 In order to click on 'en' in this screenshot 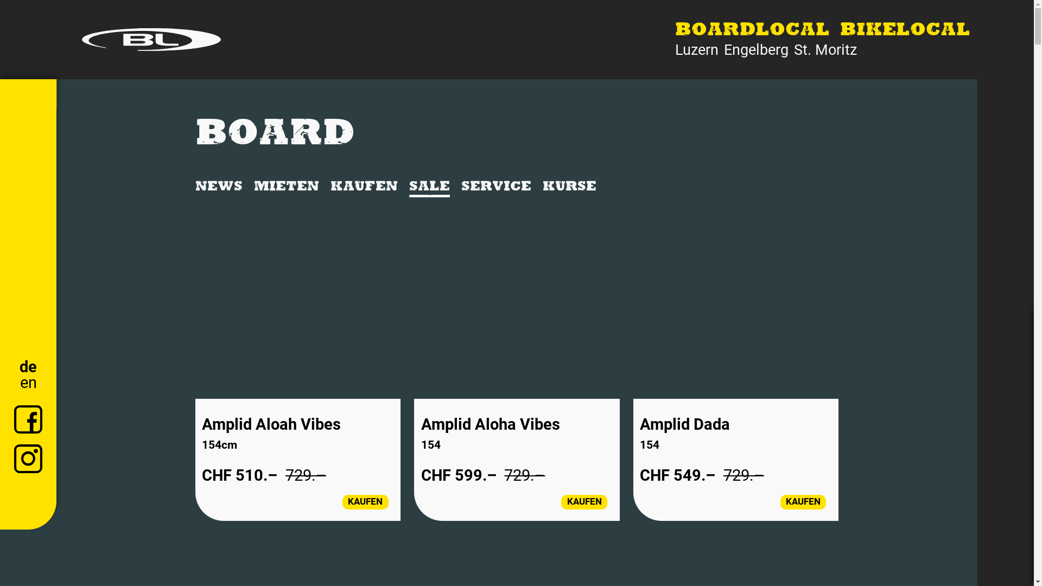, I will do `click(28, 382)`.